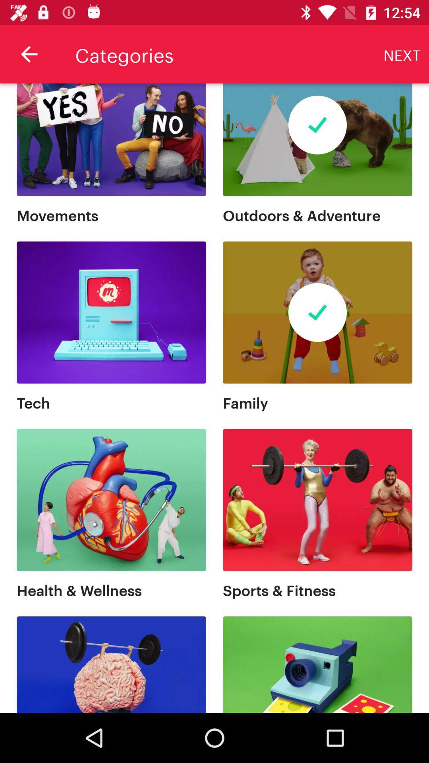  I want to click on the next item, so click(402, 54).